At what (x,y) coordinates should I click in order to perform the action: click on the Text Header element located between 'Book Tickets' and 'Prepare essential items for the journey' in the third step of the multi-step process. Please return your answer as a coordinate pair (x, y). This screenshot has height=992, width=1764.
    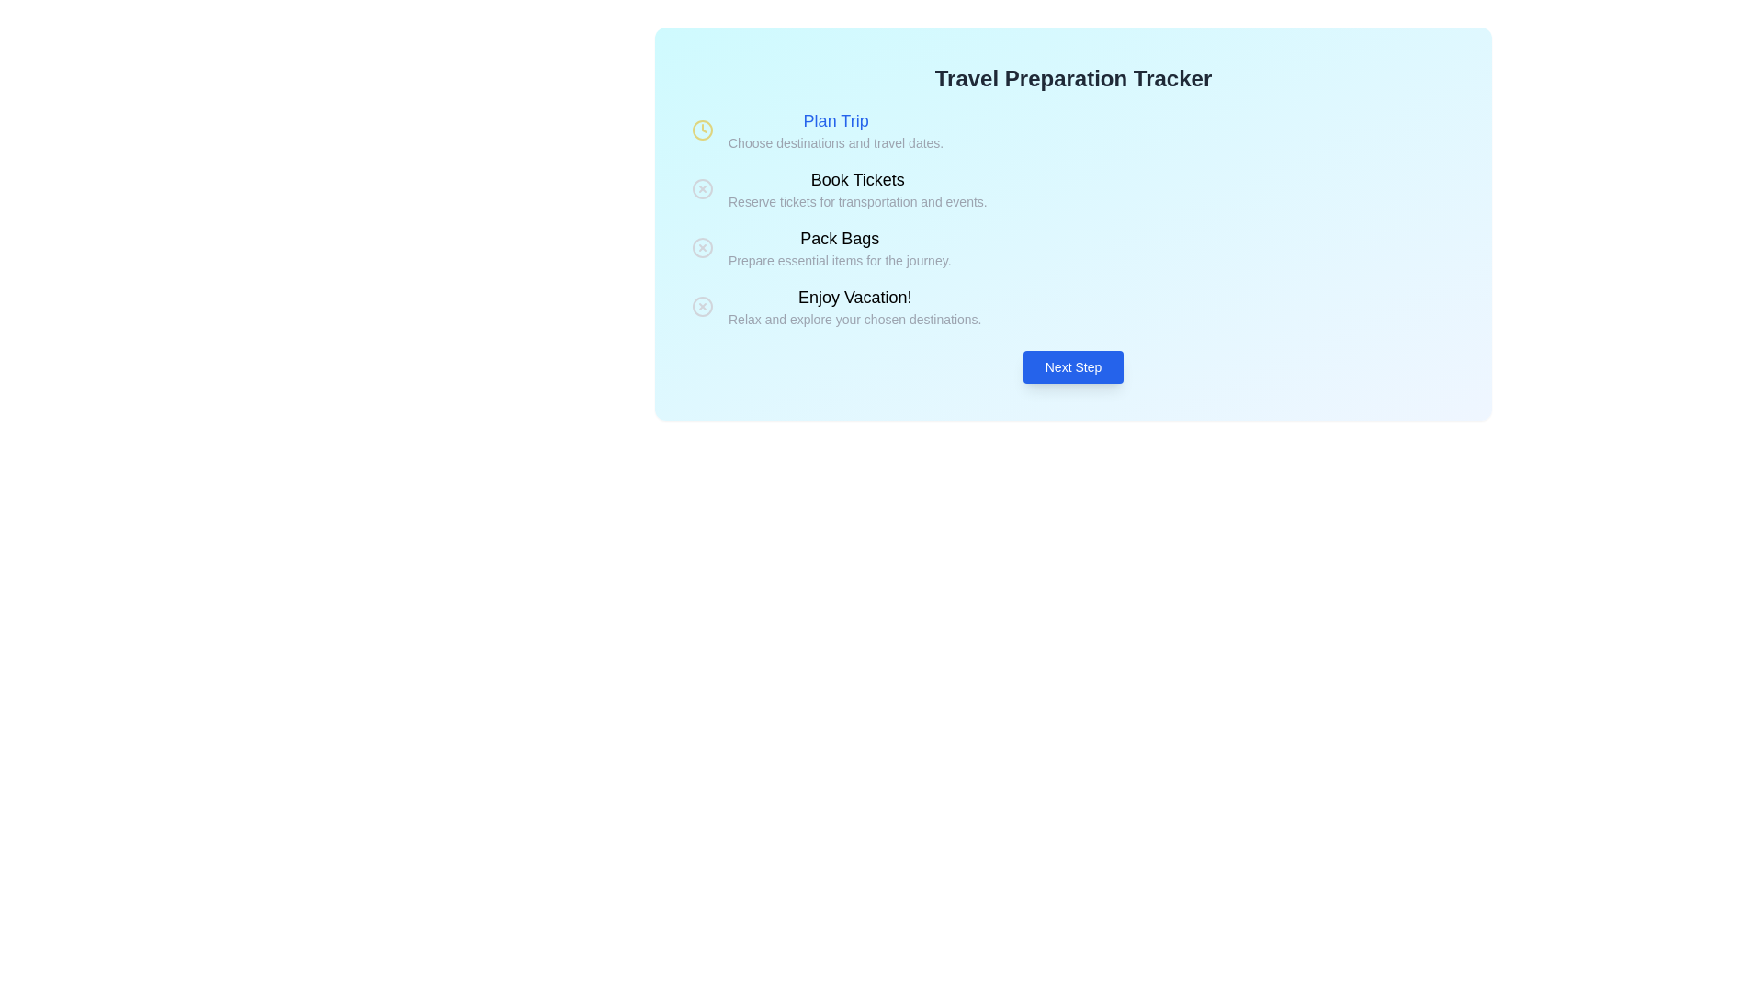
    Looking at the image, I should click on (839, 237).